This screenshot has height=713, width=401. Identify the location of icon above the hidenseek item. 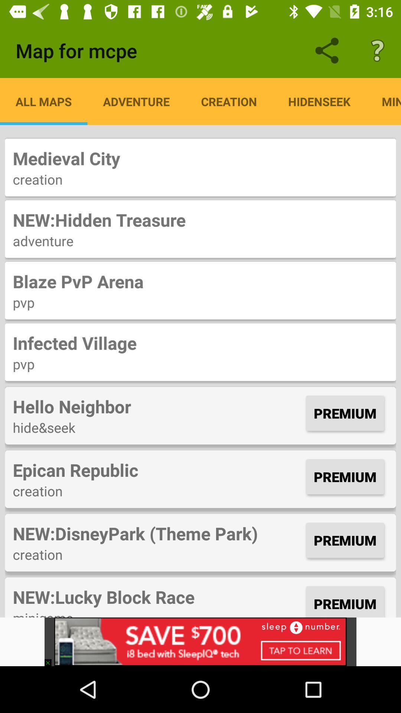
(378, 50).